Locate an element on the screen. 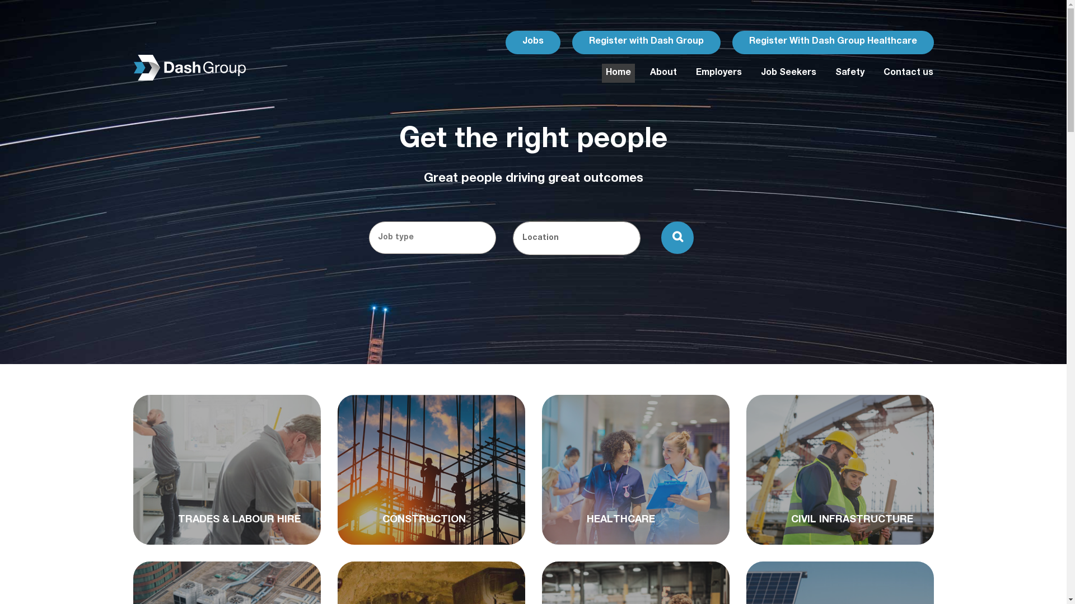 Image resolution: width=1075 pixels, height=604 pixels. 'Register with Dash Group' is located at coordinates (646, 41).